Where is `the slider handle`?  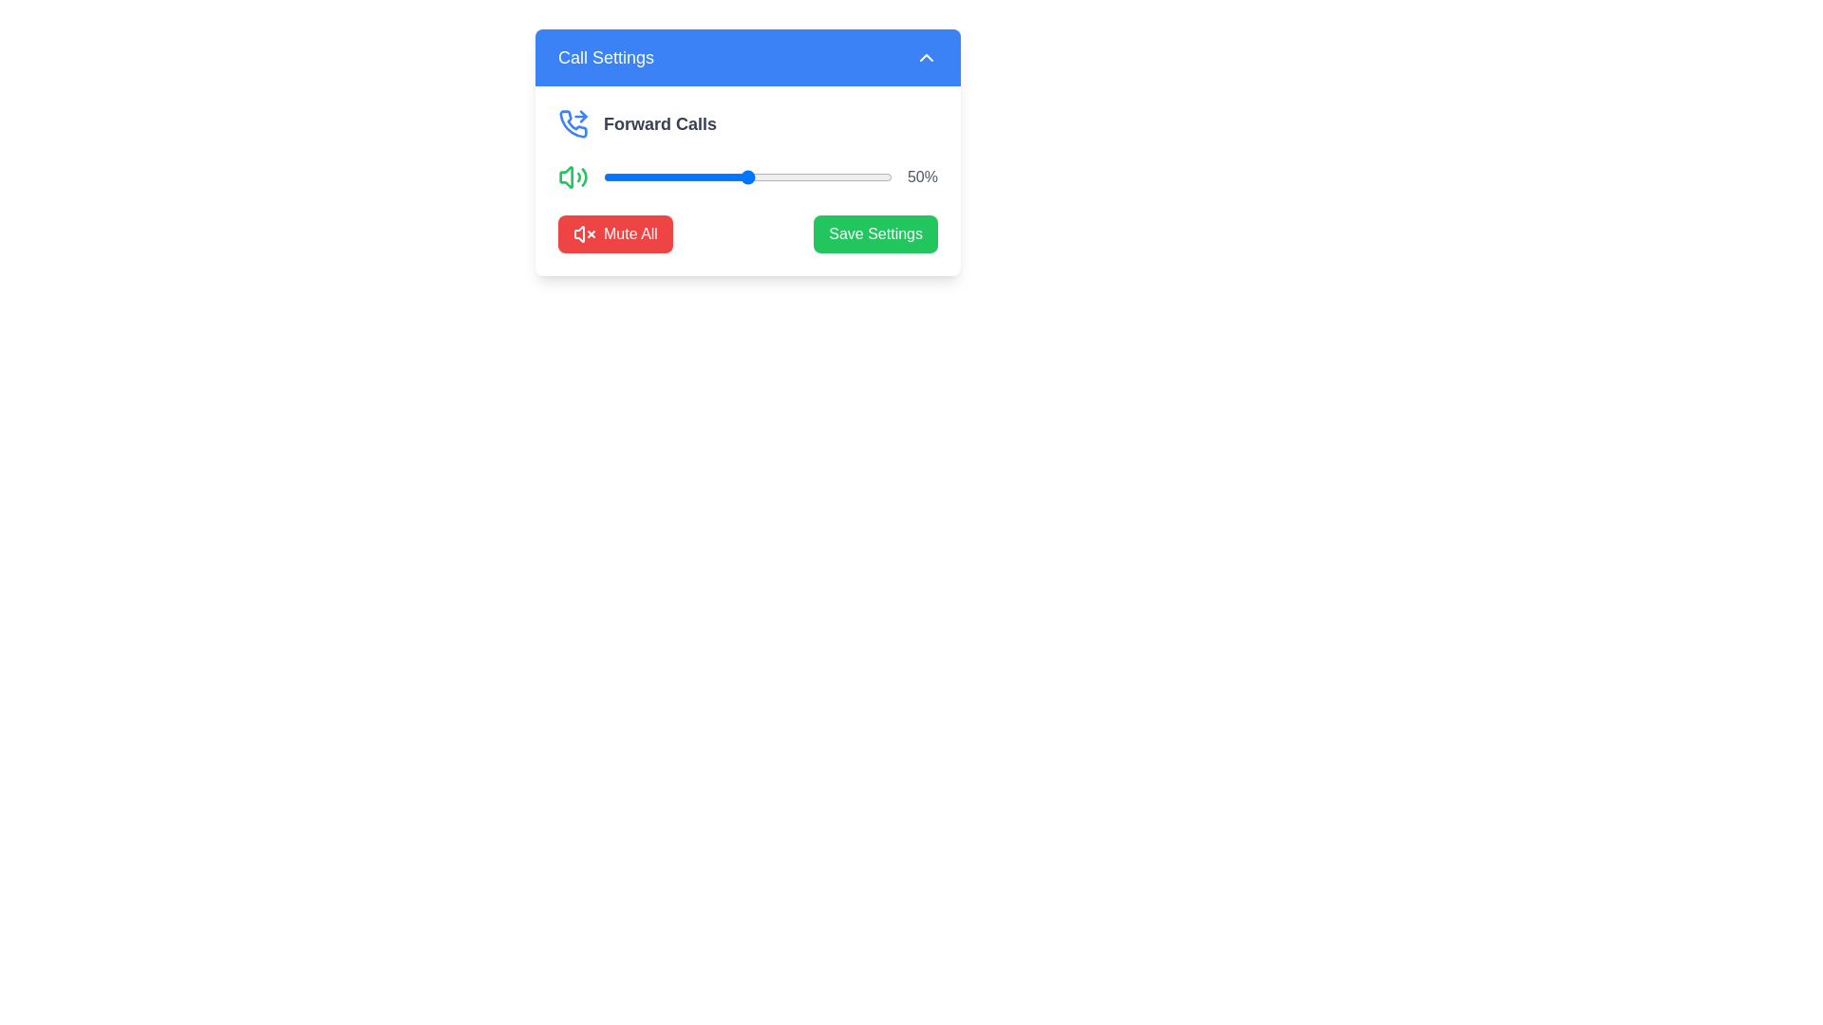 the slider handle is located at coordinates (746, 177).